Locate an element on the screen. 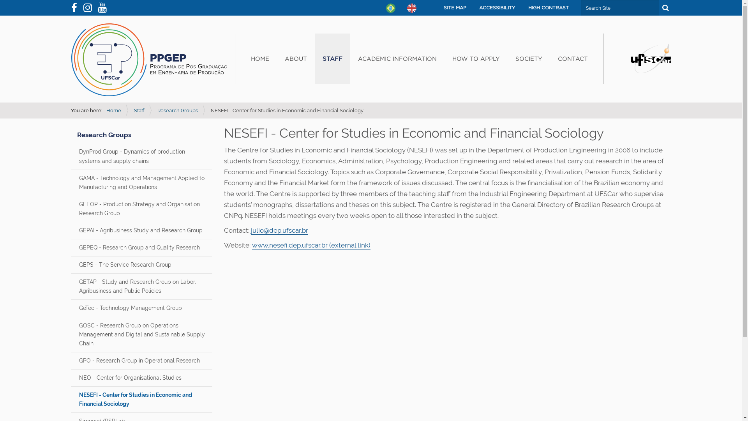 The height and width of the screenshot is (421, 748). 'ACADEMIC INFORMATION' is located at coordinates (349, 58).